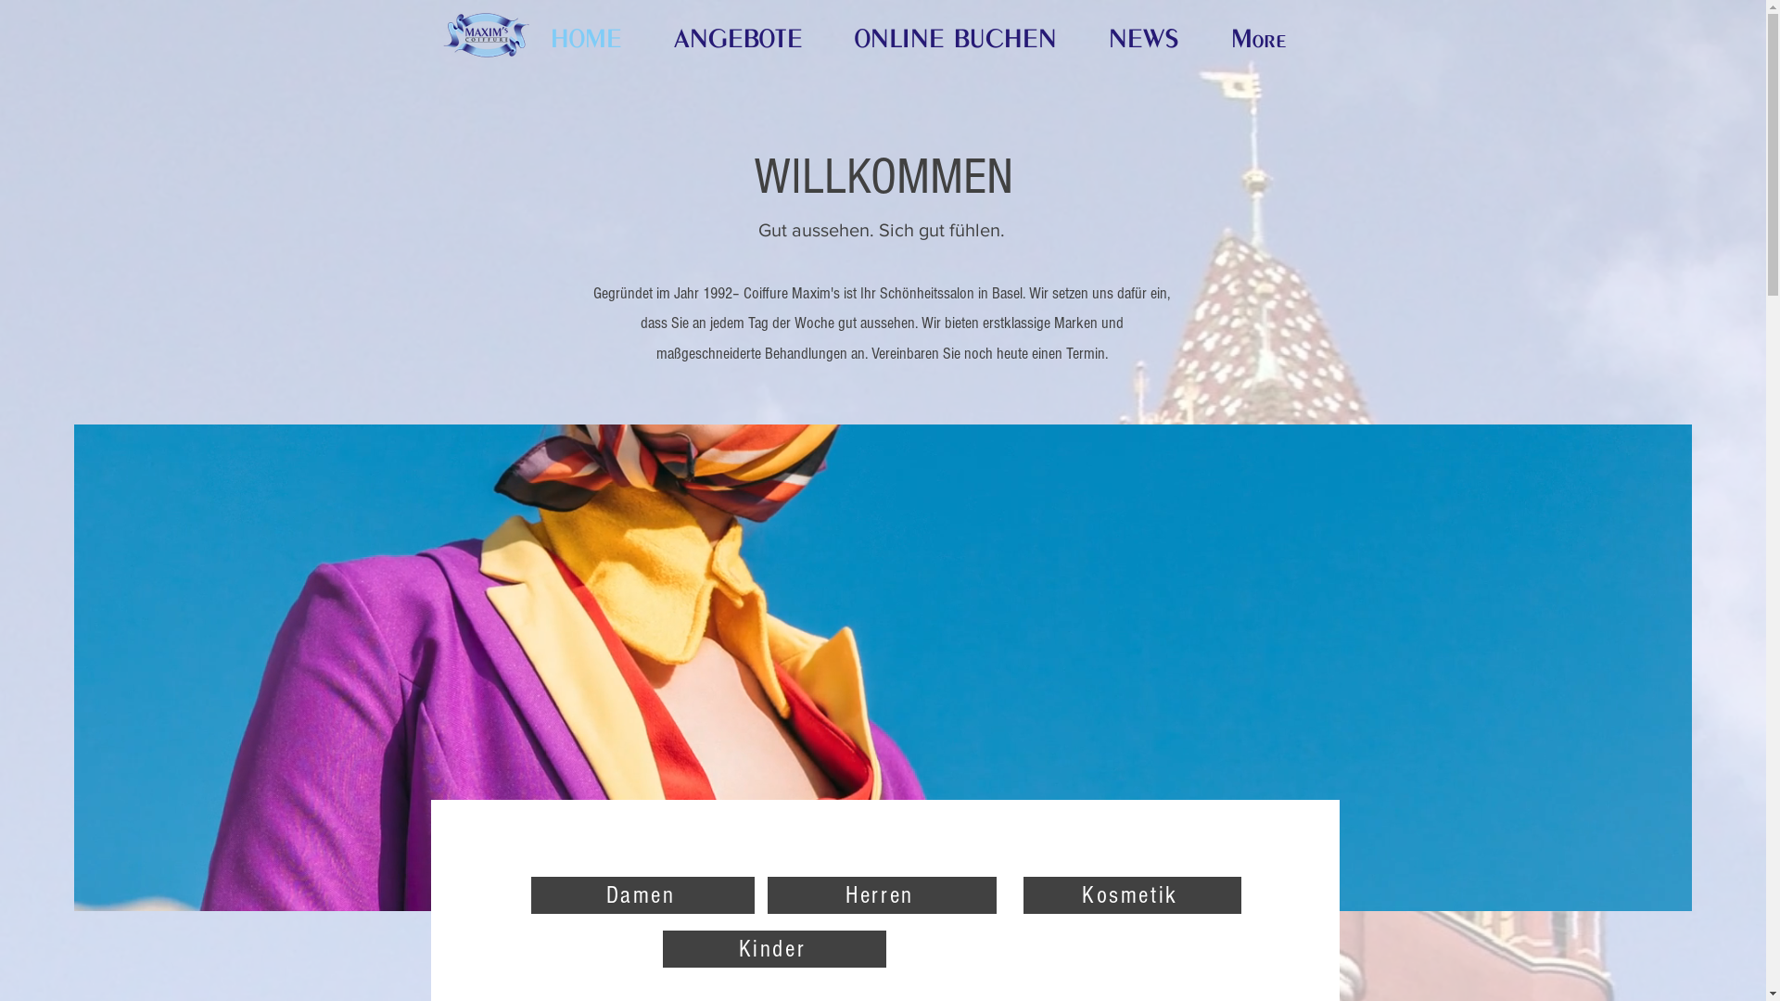 The height and width of the screenshot is (1001, 1780). I want to click on 'Damen', so click(642, 893).